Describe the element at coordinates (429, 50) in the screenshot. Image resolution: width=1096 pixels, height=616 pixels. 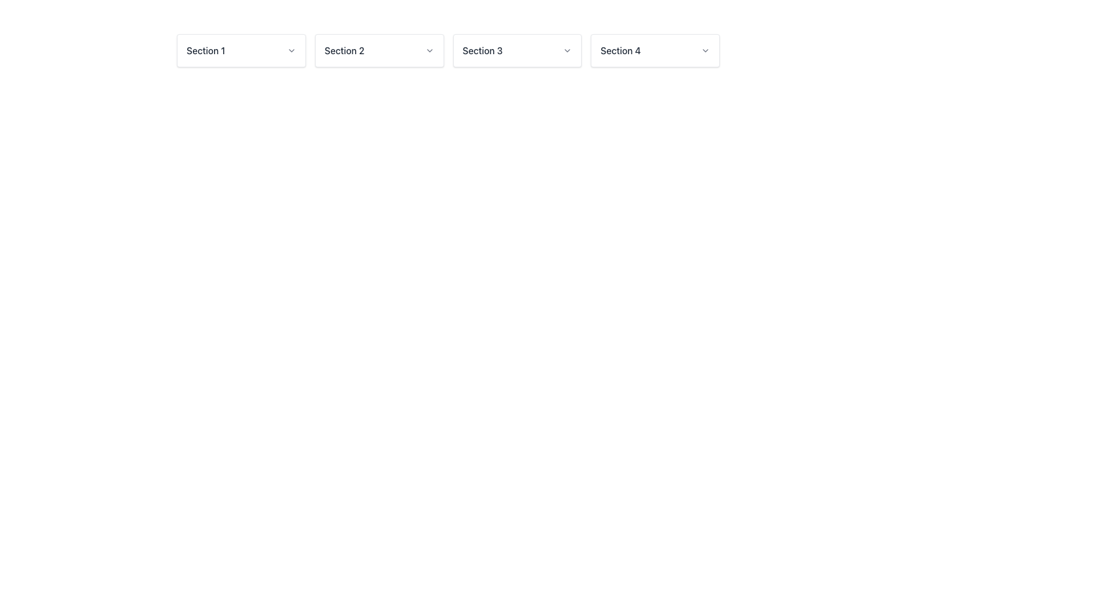
I see `the chevron icon located at the far right edge of the 'Section 2' button` at that location.